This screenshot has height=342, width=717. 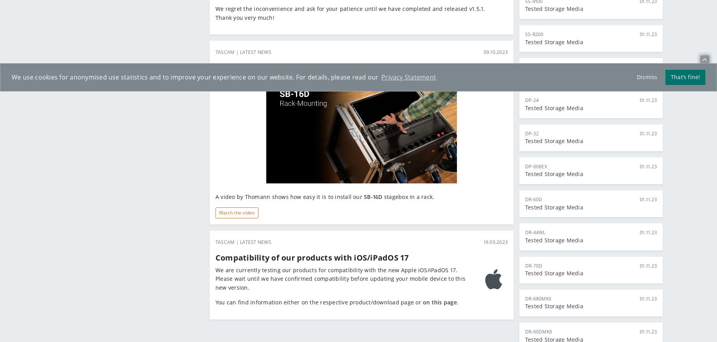 What do you see at coordinates (533, 265) in the screenshot?
I see `'DR-70D'` at bounding box center [533, 265].